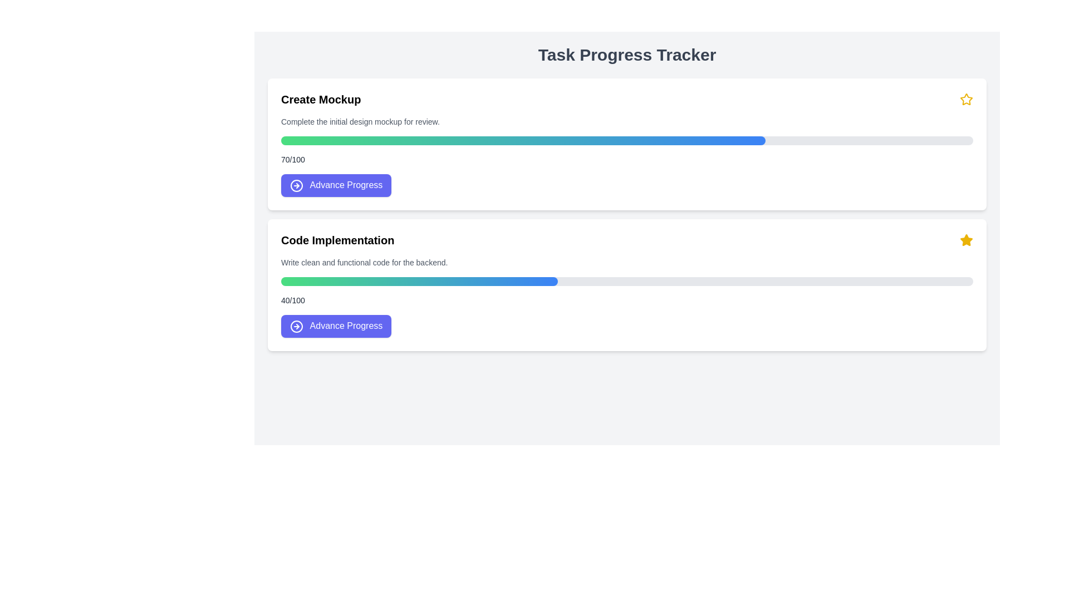  Describe the element at coordinates (320, 98) in the screenshot. I see `text of the Text Label that serves as the title for the 'Create Mockup' task, located at the top of the first task card under 'Task Progress Tracker'` at that location.